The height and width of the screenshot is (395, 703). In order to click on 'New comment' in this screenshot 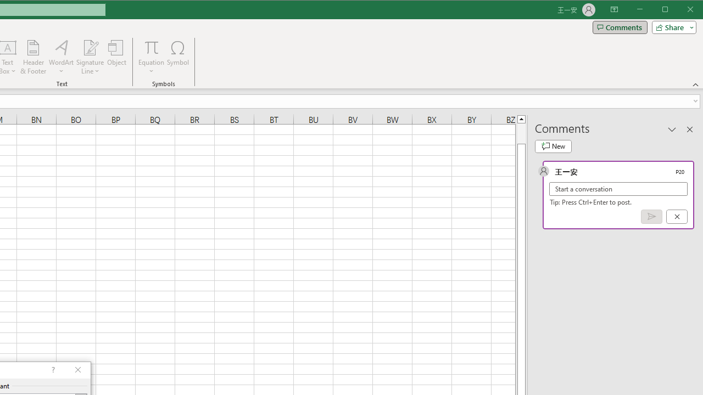, I will do `click(553, 146)`.